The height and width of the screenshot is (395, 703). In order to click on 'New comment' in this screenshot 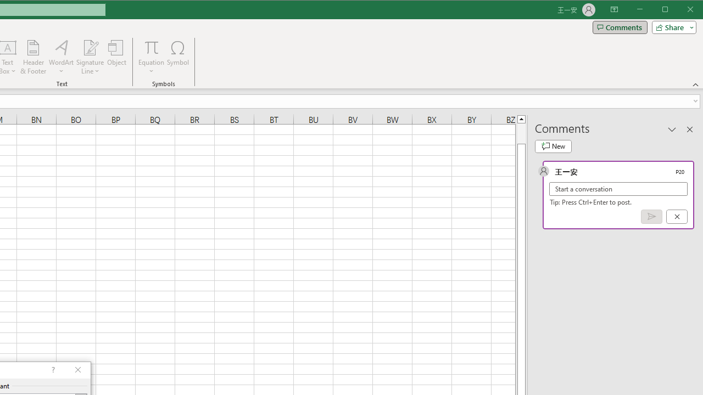, I will do `click(553, 146)`.